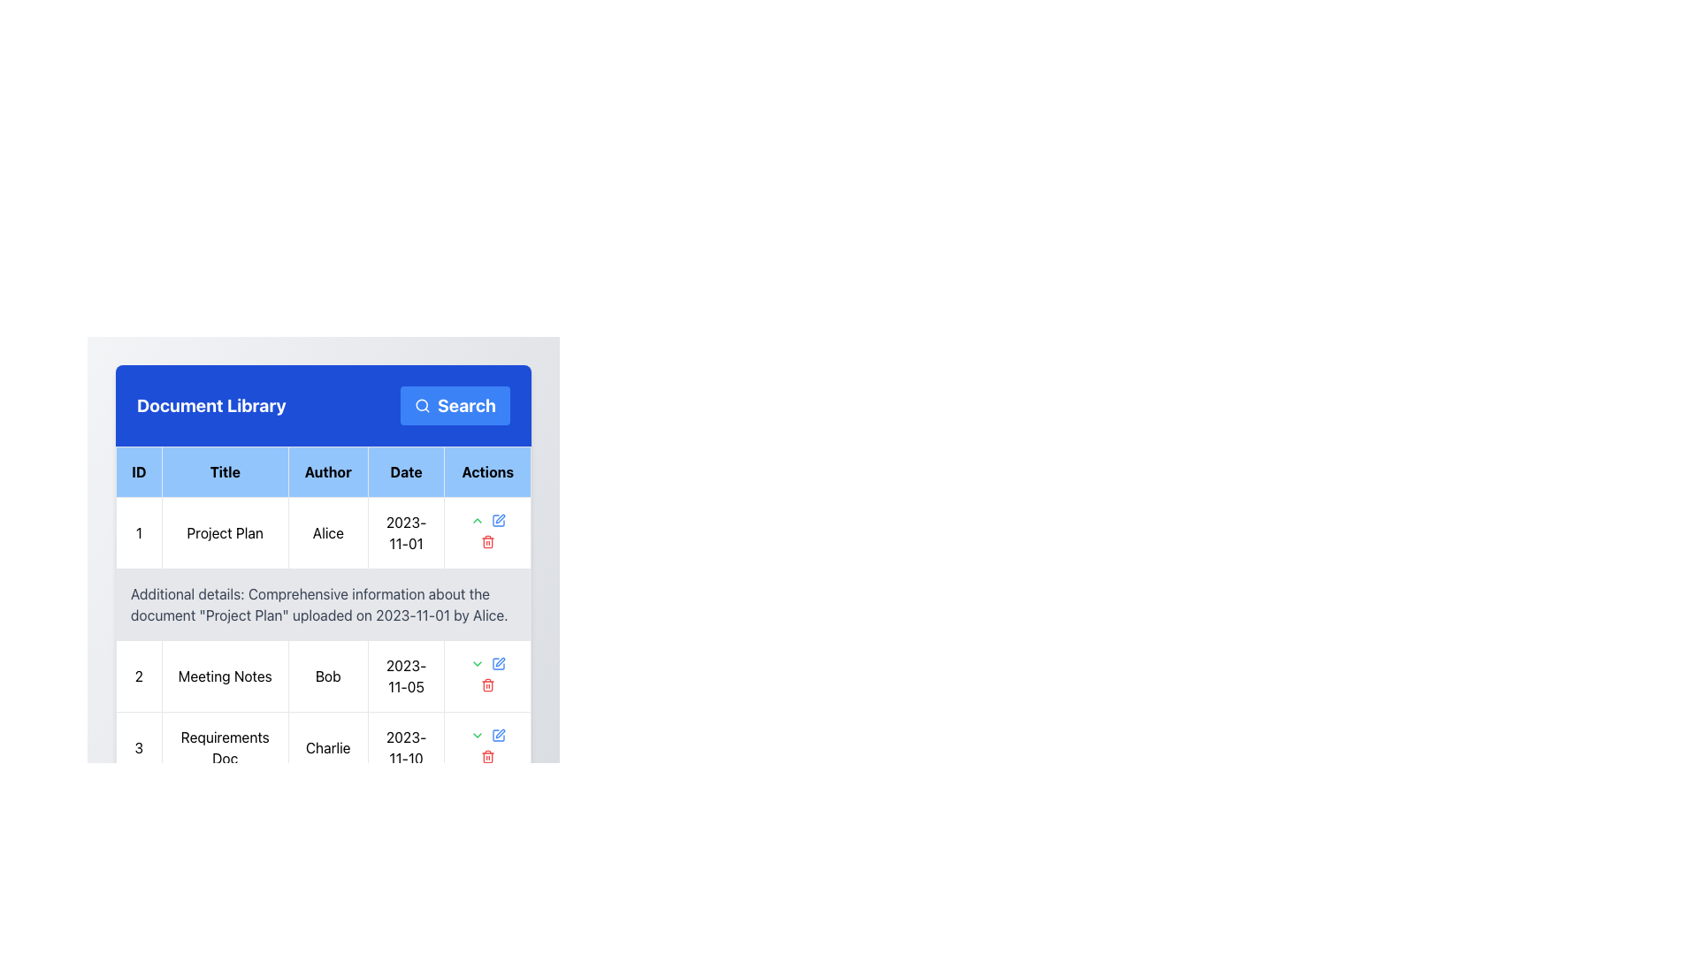 Image resolution: width=1698 pixels, height=955 pixels. Describe the element at coordinates (405, 676) in the screenshot. I see `the text label displaying the date information in the fourth column of the second row, styled with a border, located under the 'Date' header, adjacent to 'Bob' on the left and the 'Actions' column on the right` at that location.